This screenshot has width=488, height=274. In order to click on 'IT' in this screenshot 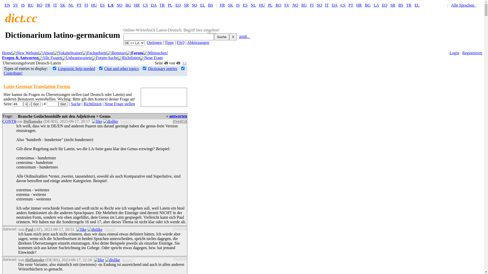, I will do `click(327, 5)`.